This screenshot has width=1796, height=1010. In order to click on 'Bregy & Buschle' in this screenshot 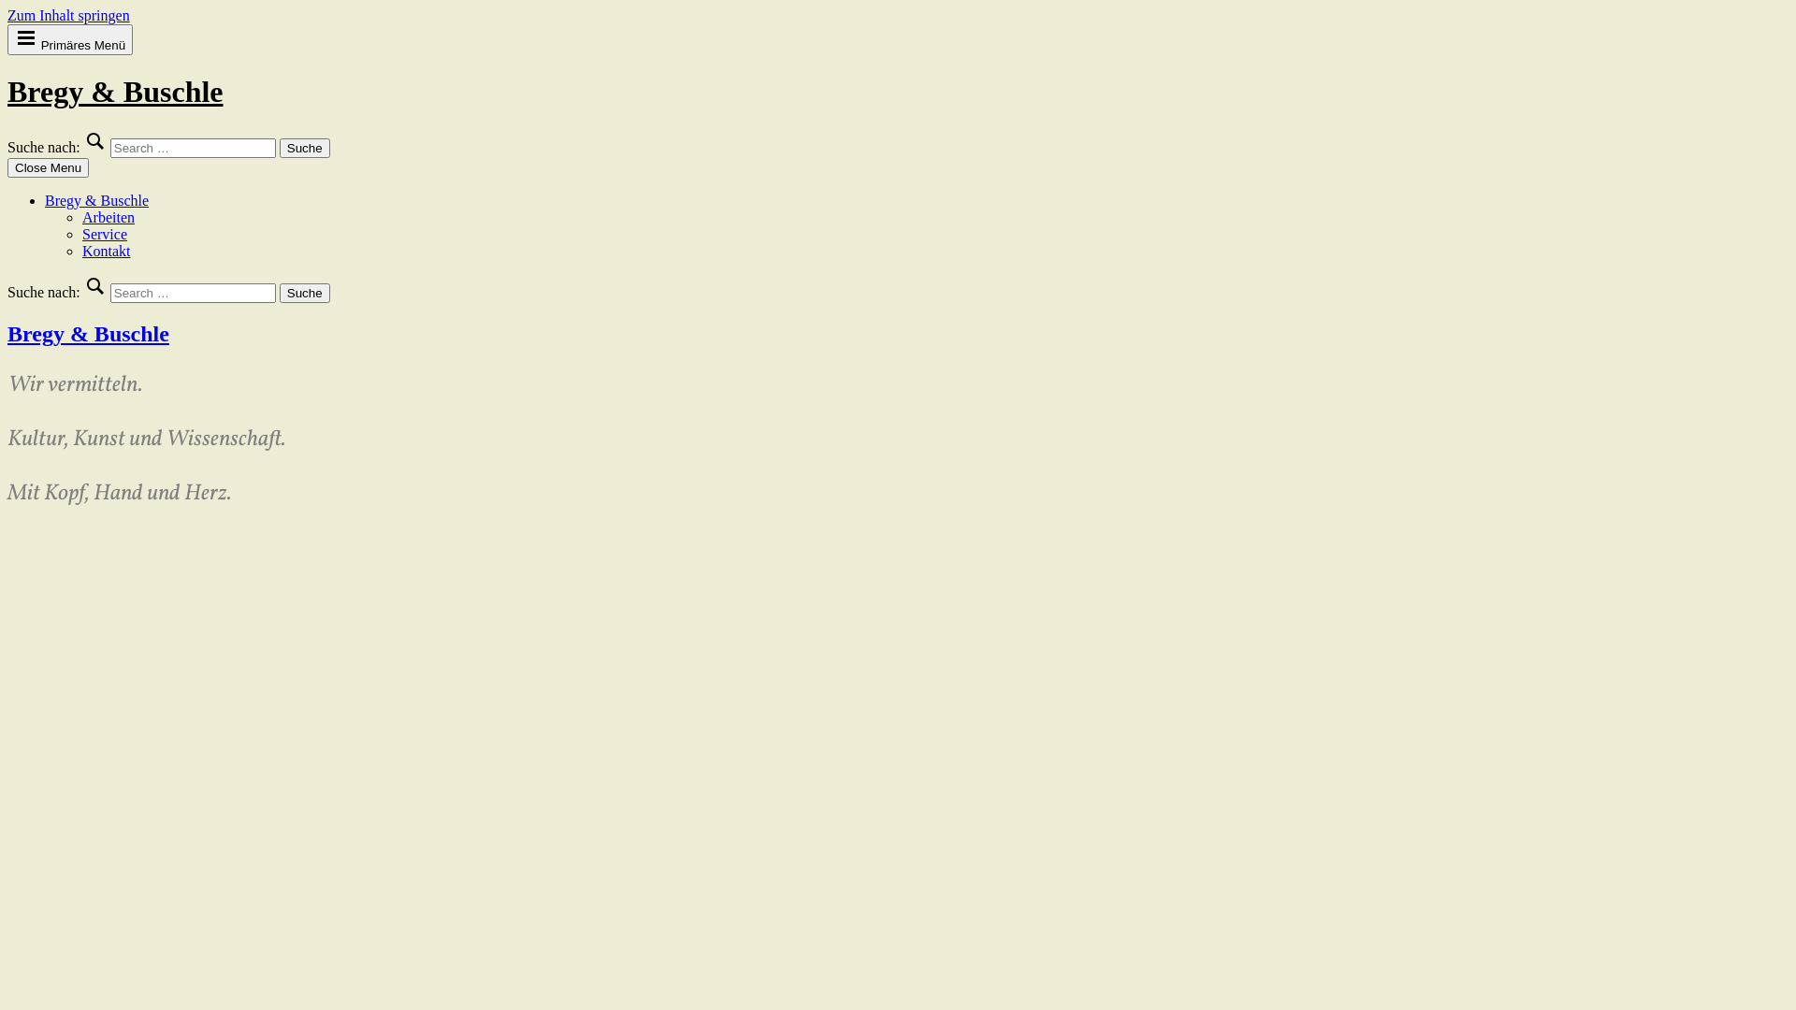, I will do `click(87, 333)`.